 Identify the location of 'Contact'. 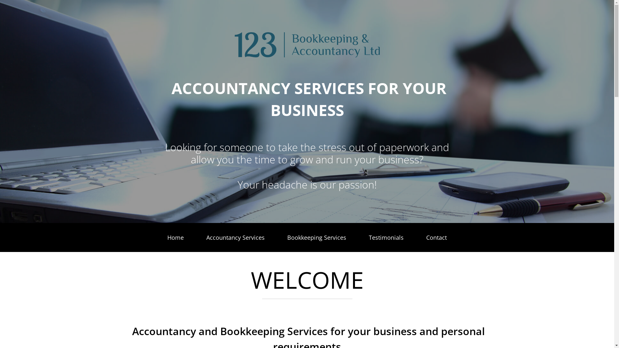
(436, 237).